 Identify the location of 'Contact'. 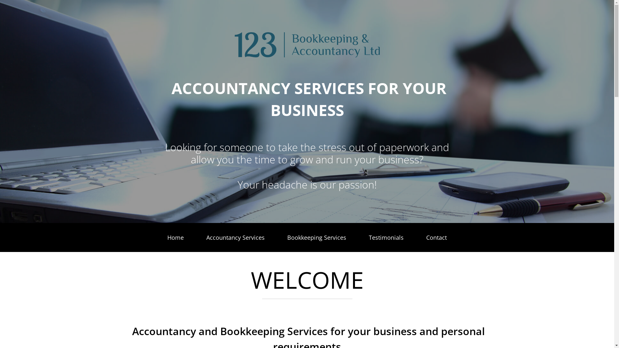
(436, 237).